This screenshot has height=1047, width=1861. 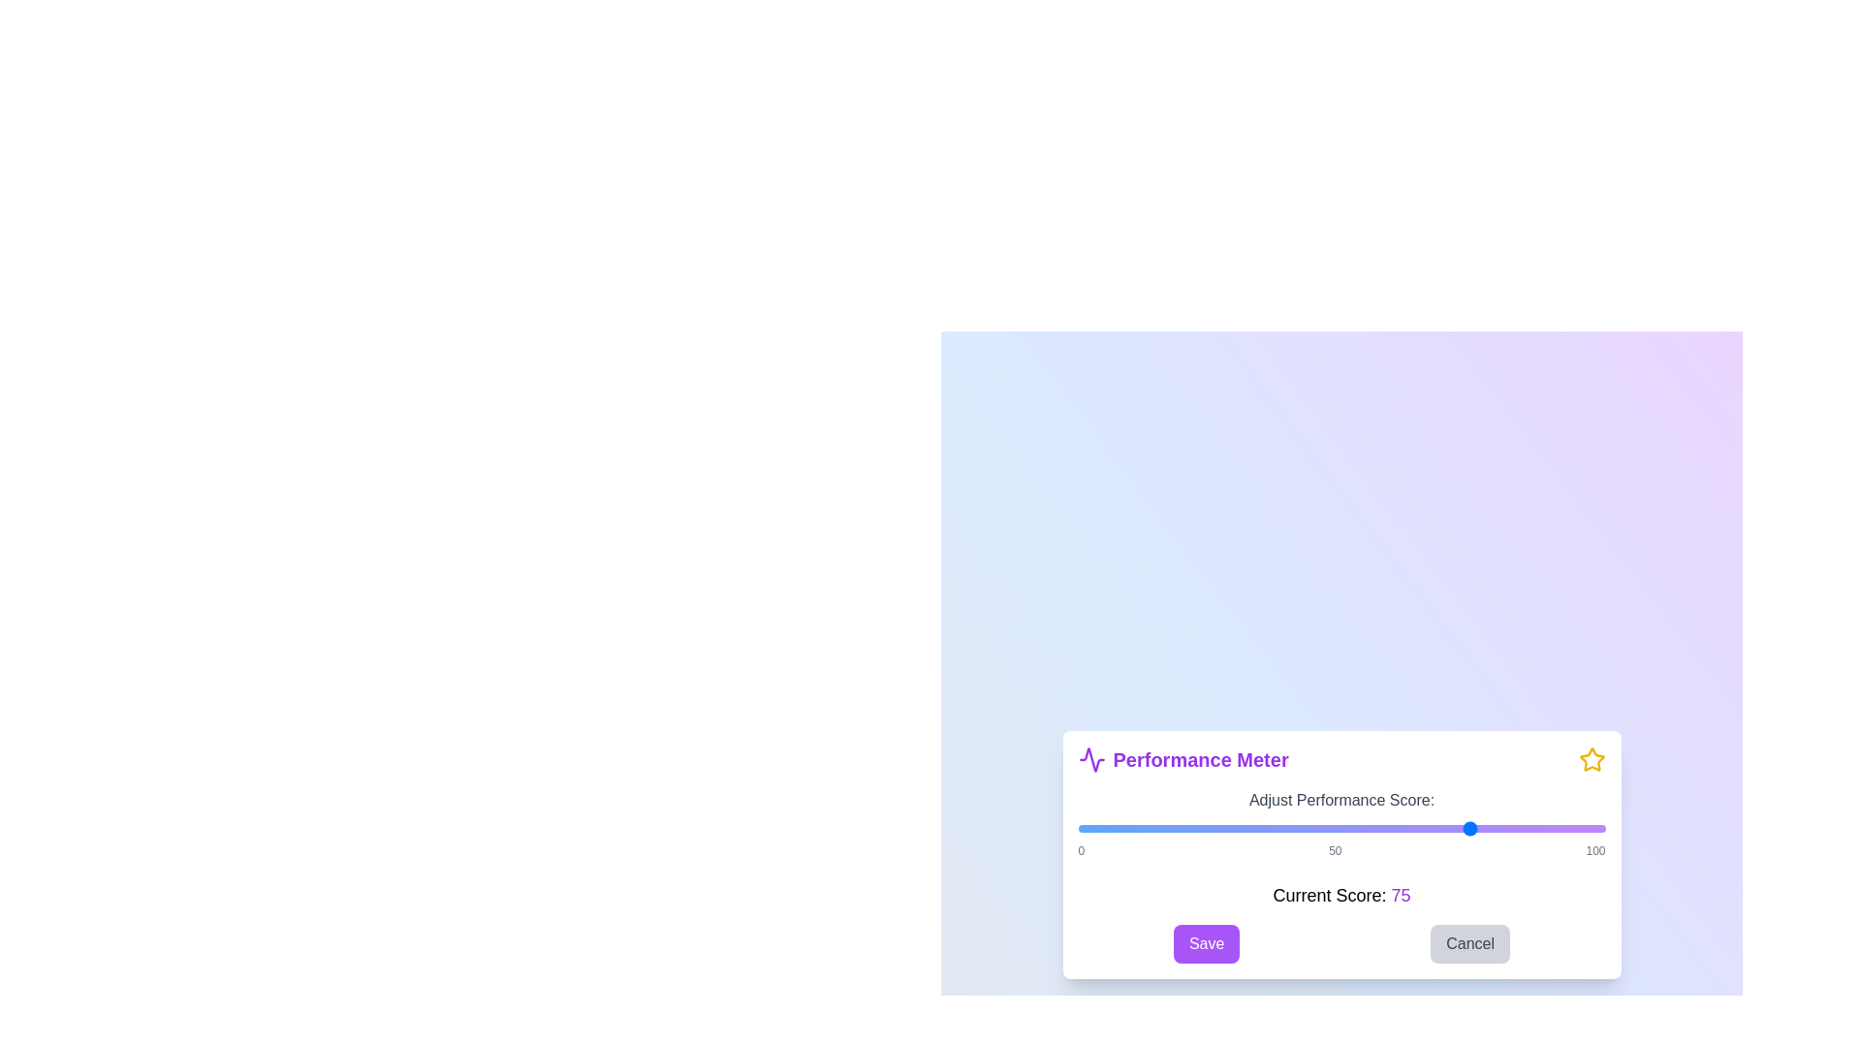 I want to click on the performance score to 32 using the slider, so click(x=1246, y=829).